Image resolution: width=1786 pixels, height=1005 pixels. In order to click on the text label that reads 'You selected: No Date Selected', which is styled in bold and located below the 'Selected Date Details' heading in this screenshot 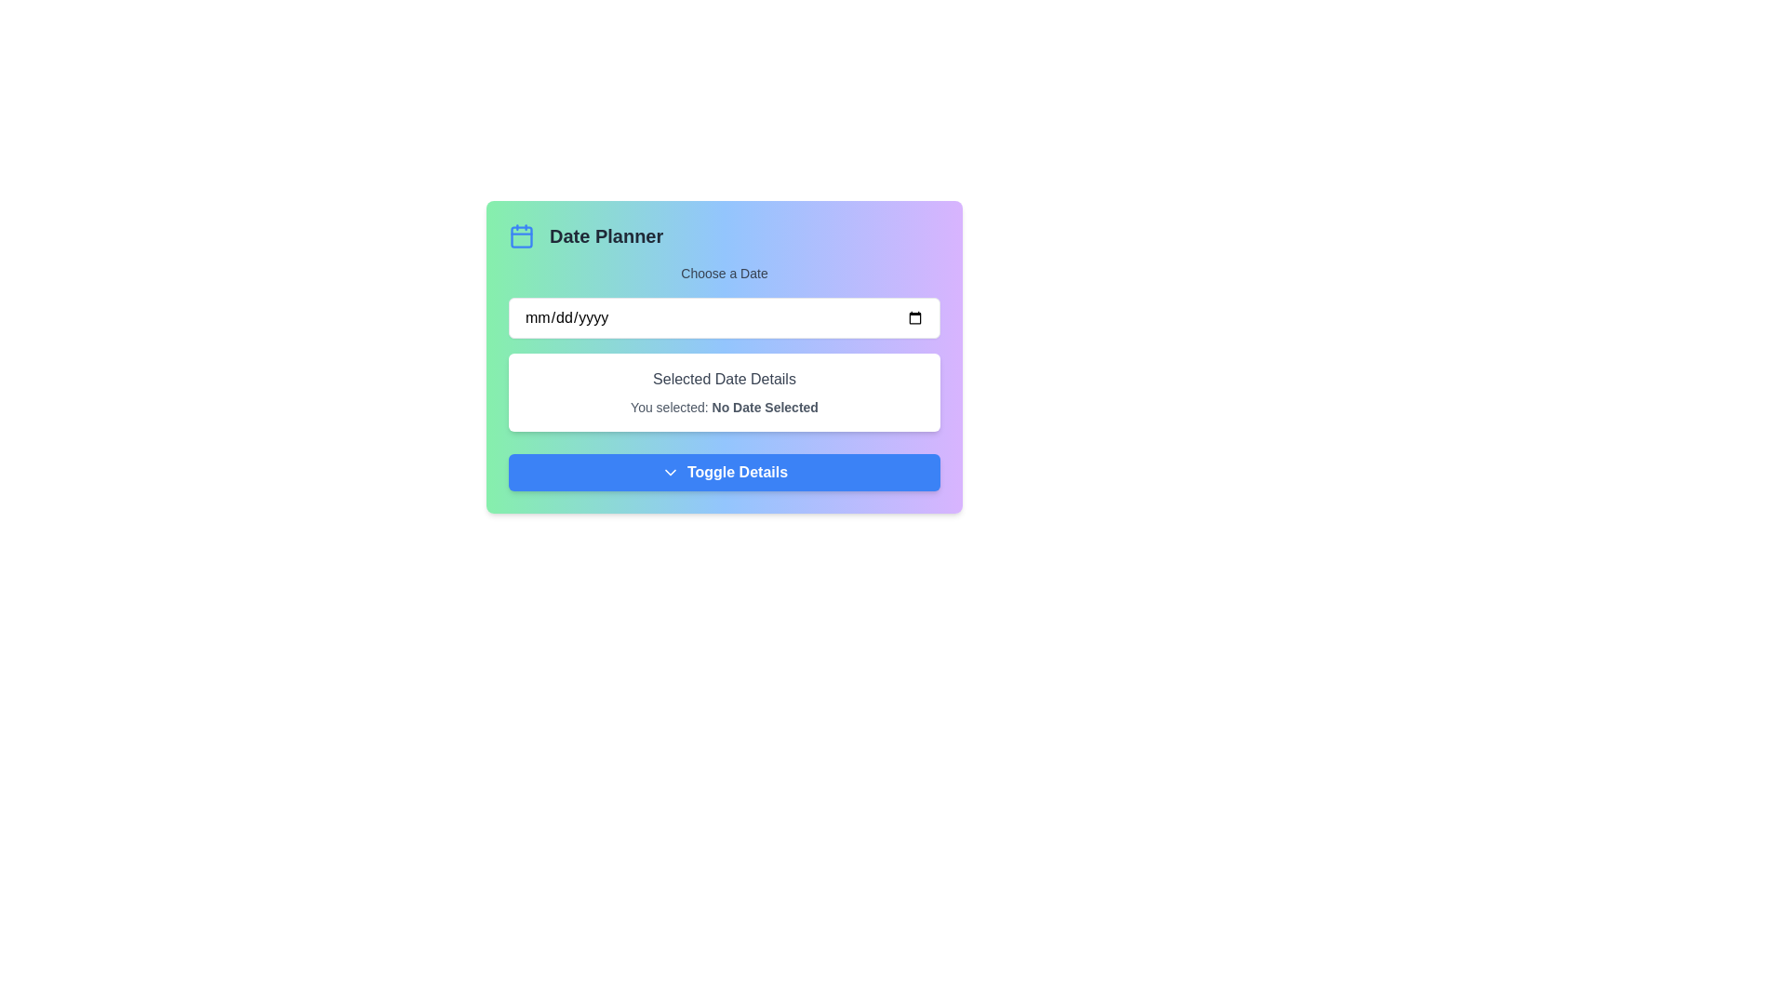, I will do `click(723, 407)`.